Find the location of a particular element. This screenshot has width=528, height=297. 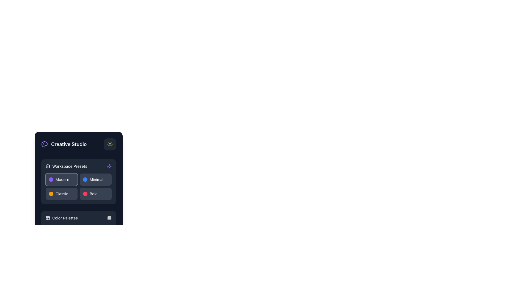

the selectable options section below the 'Creative Studio' header is located at coordinates (78, 182).